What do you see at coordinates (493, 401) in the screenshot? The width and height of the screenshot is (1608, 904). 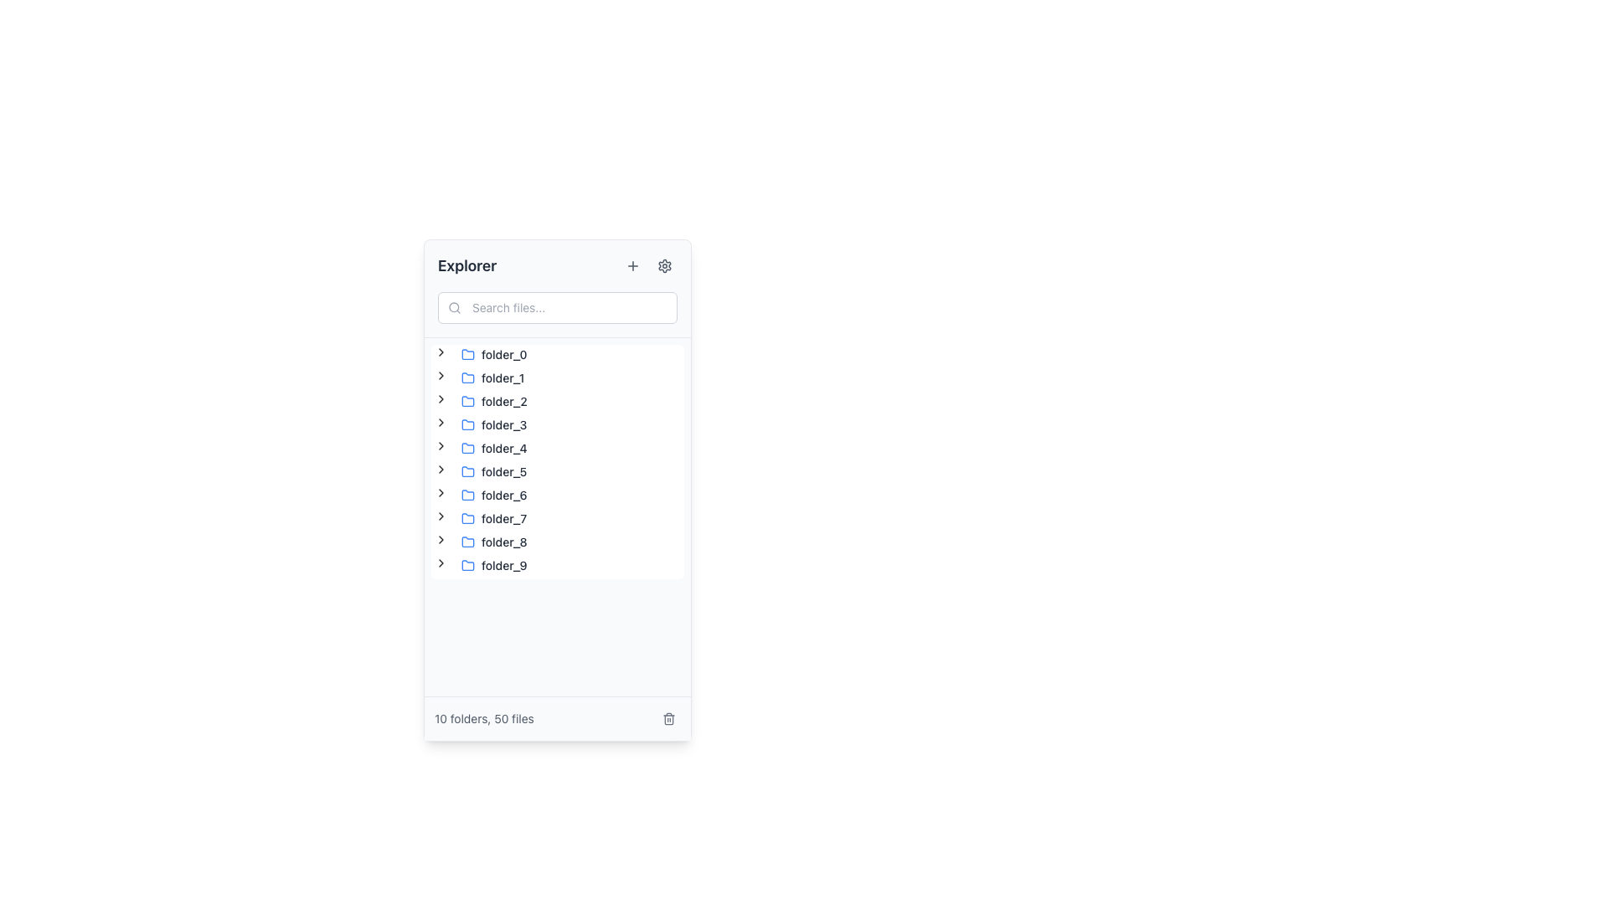 I see `the 'folder_2' list item, which is the third item in the vertically stacked folder list on the left panel` at bounding box center [493, 401].